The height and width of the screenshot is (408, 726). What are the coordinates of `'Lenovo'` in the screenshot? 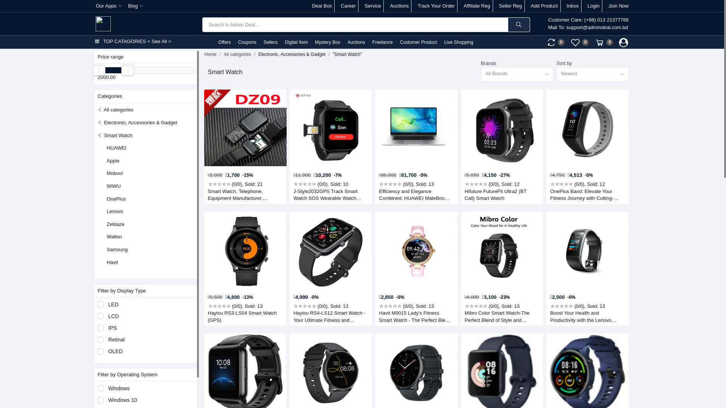 It's located at (114, 211).